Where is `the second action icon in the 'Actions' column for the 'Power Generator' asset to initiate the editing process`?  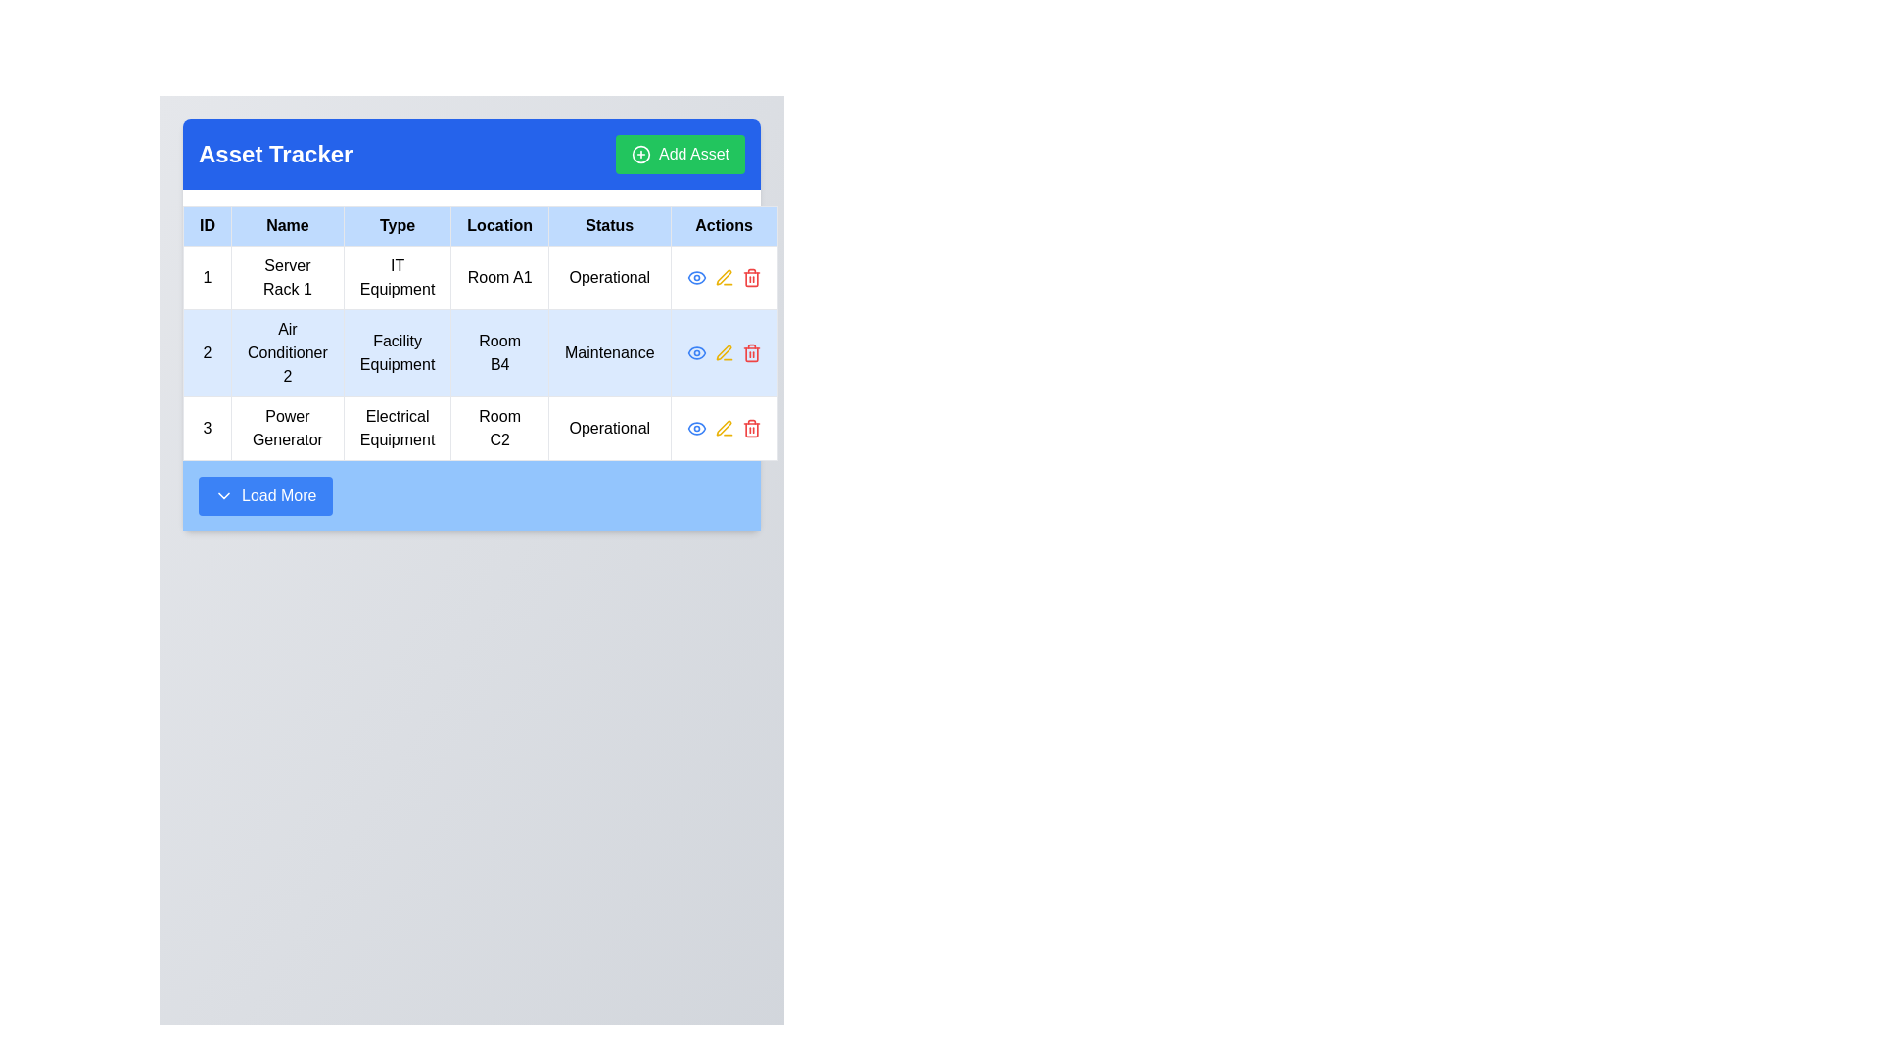
the second action icon in the 'Actions' column for the 'Power Generator' asset to initiate the editing process is located at coordinates (723, 428).